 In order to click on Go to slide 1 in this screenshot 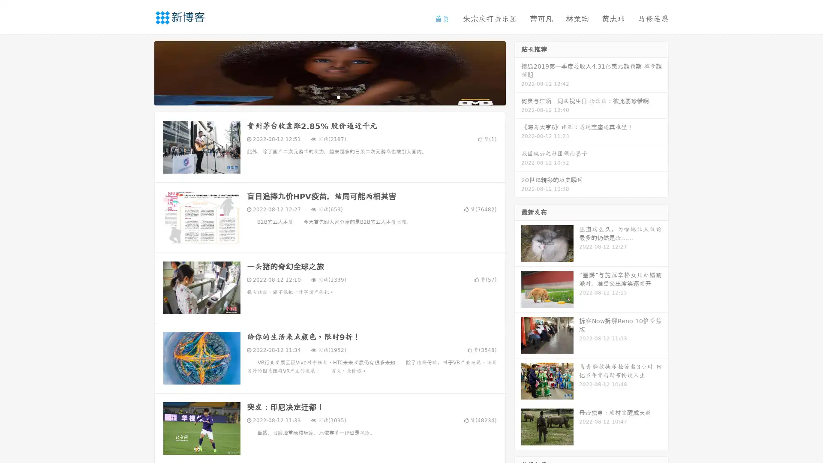, I will do `click(321, 96)`.